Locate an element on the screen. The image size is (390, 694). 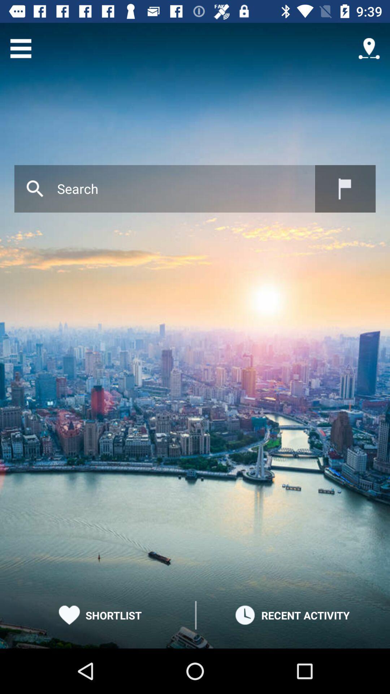
see page options is located at coordinates (20, 48).